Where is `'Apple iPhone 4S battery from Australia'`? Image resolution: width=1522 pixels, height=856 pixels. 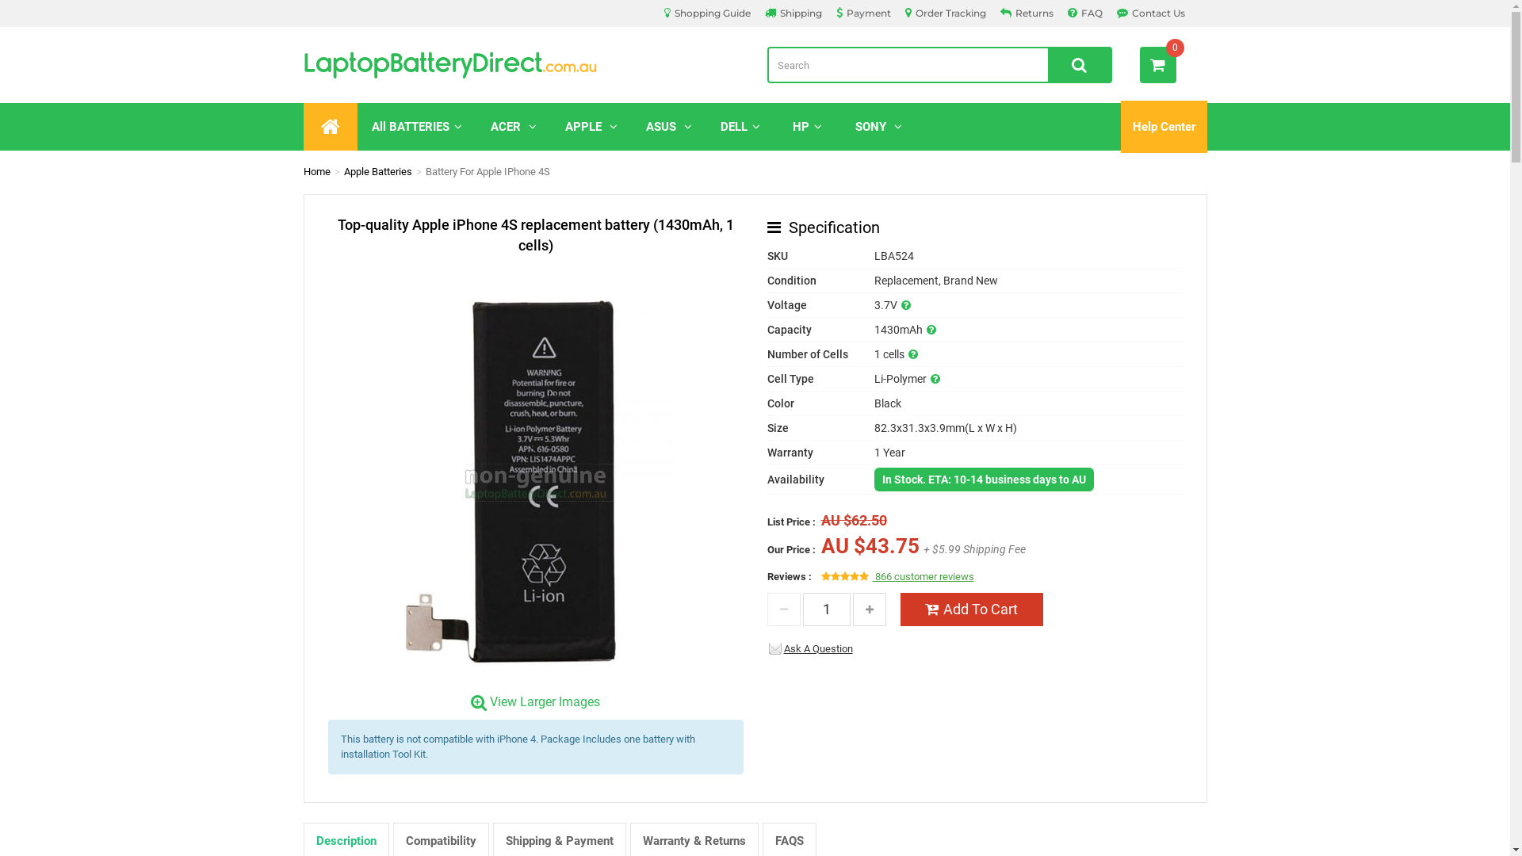
'Apple iPhone 4S battery from Australia' is located at coordinates (535, 473).